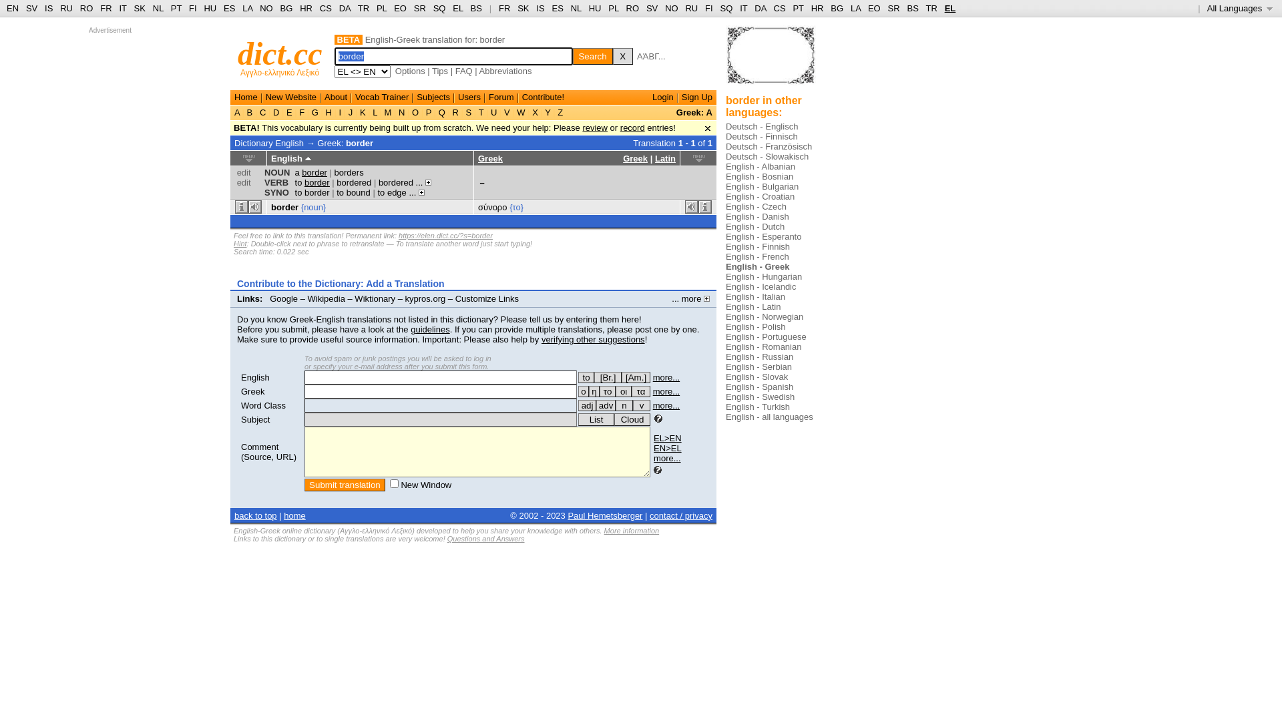  What do you see at coordinates (605, 405) in the screenshot?
I see `'adv'` at bounding box center [605, 405].